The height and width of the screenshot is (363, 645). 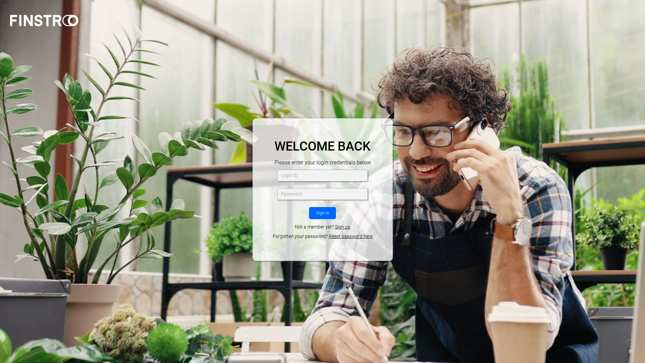 What do you see at coordinates (322, 213) in the screenshot?
I see `'Sign in'` at bounding box center [322, 213].